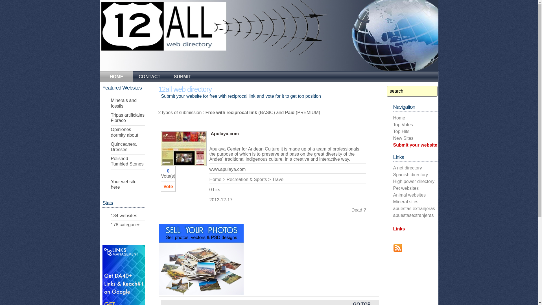 The image size is (542, 305). I want to click on 'Pet websites', so click(393, 188).